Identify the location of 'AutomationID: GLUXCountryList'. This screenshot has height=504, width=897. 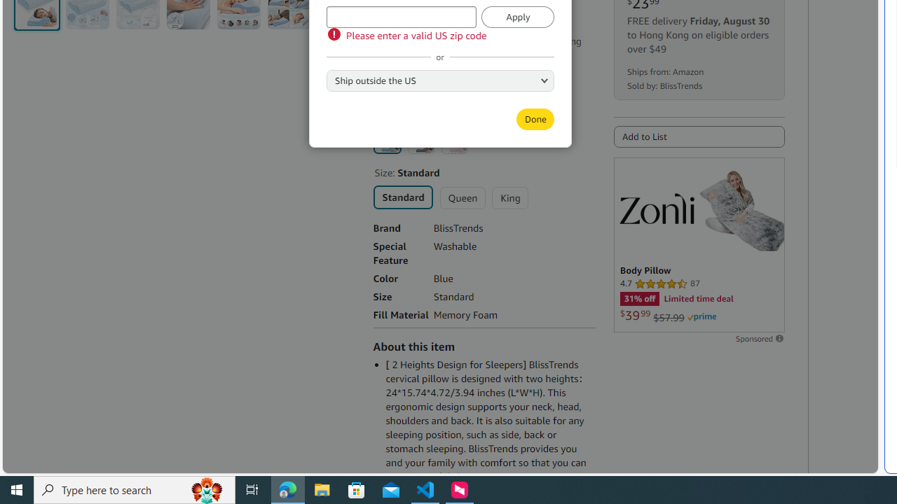
(439, 80).